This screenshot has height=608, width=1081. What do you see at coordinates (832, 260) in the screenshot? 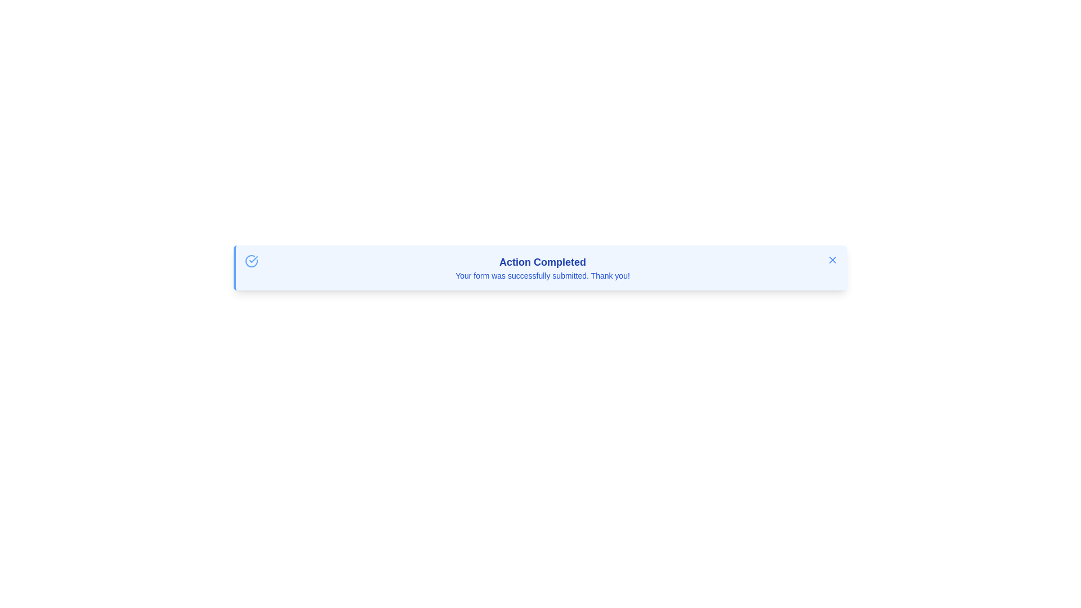
I see `the close button represented by an 'X' icon in blue color located at the top-right corner of the notification box that indicates 'Action Completed'` at bounding box center [832, 260].